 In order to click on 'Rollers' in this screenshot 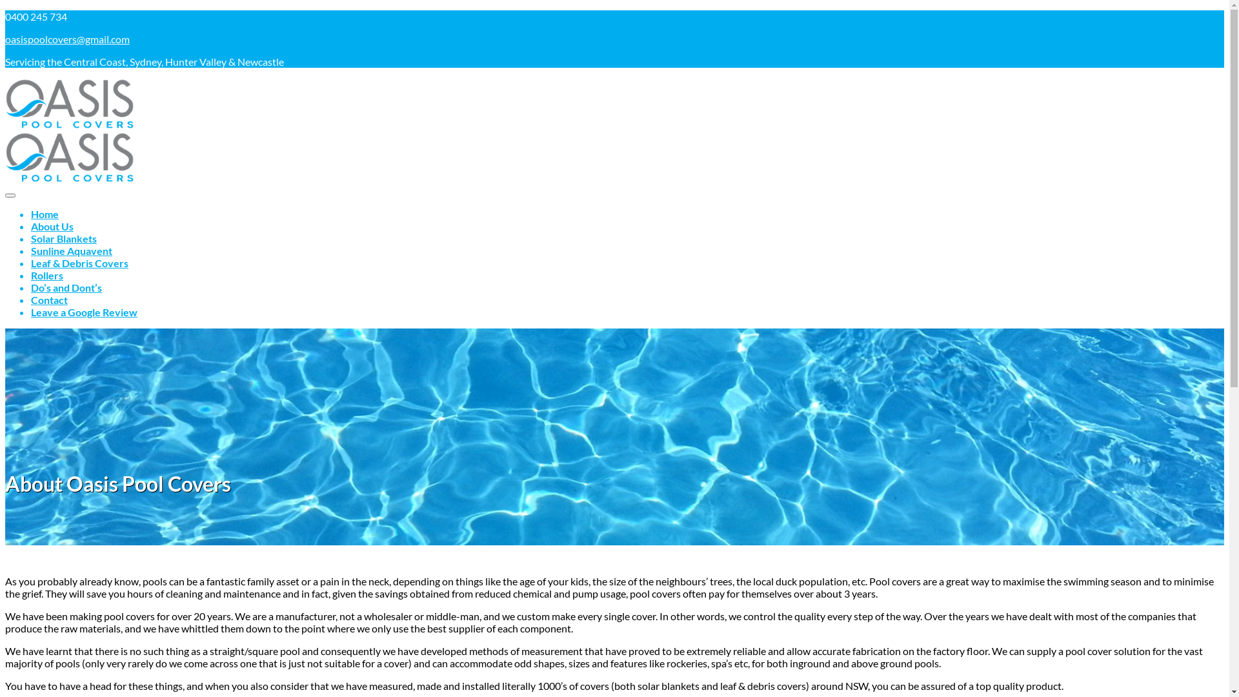, I will do `click(31, 274)`.